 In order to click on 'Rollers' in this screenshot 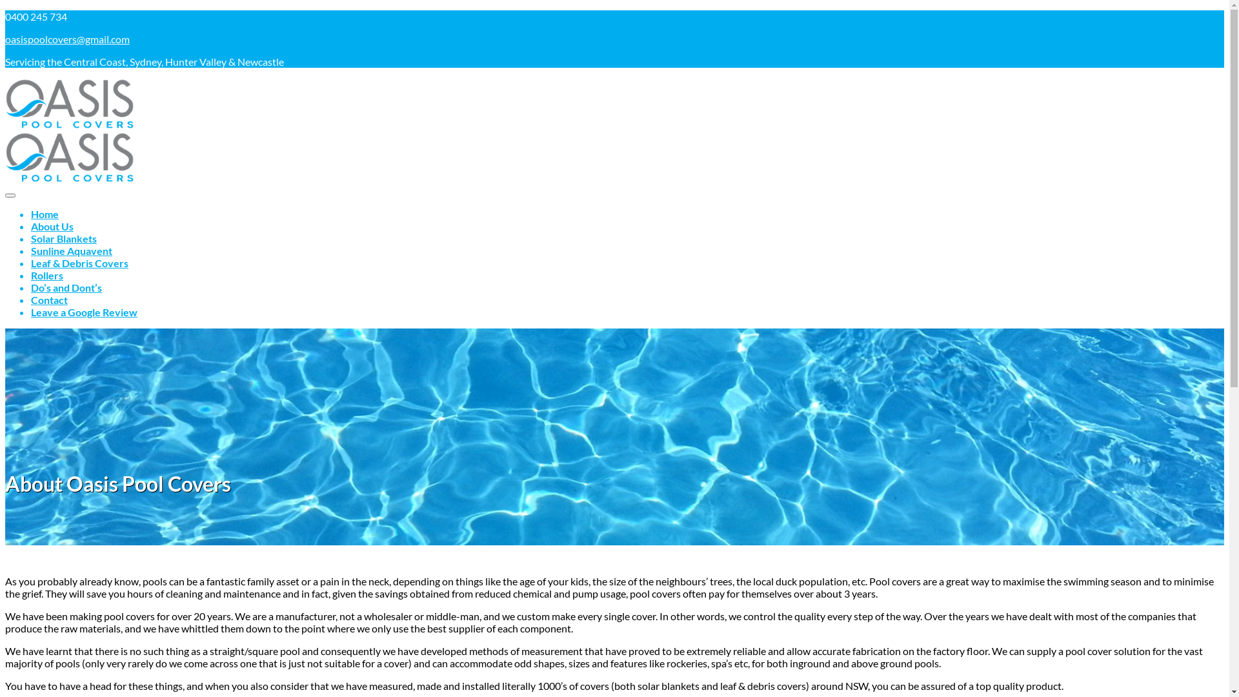, I will do `click(31, 274)`.